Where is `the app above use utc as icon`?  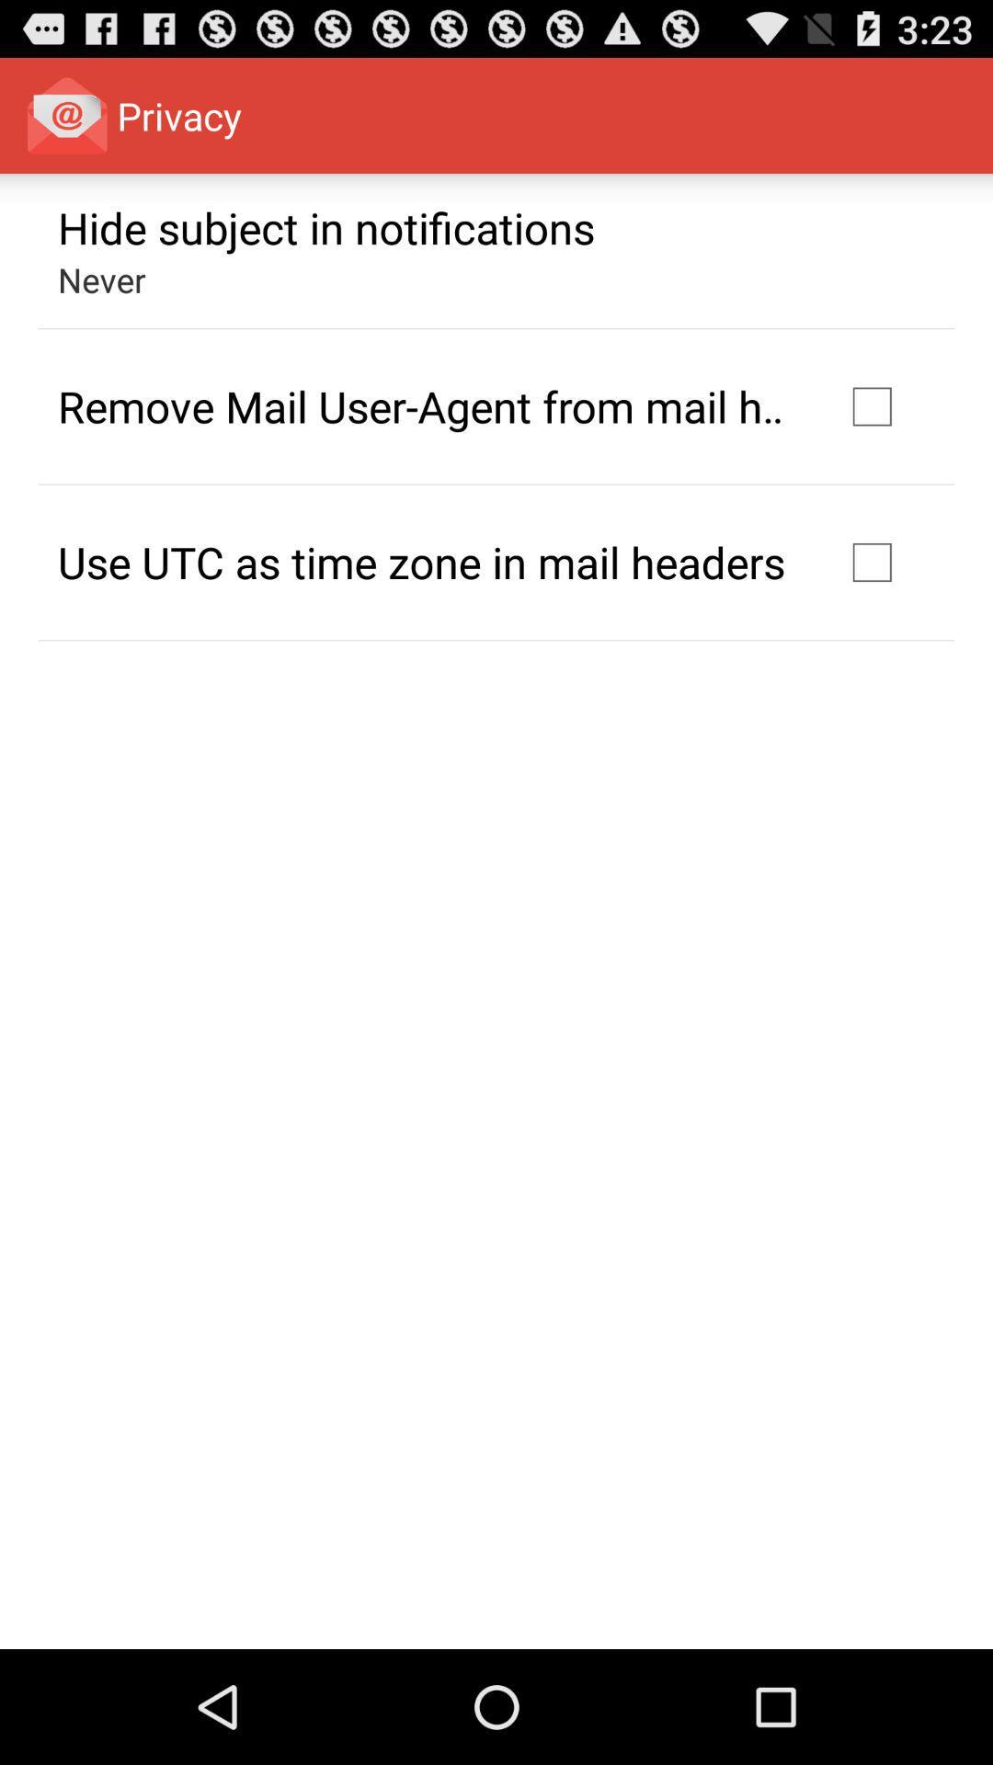 the app above use utc as icon is located at coordinates (426, 405).